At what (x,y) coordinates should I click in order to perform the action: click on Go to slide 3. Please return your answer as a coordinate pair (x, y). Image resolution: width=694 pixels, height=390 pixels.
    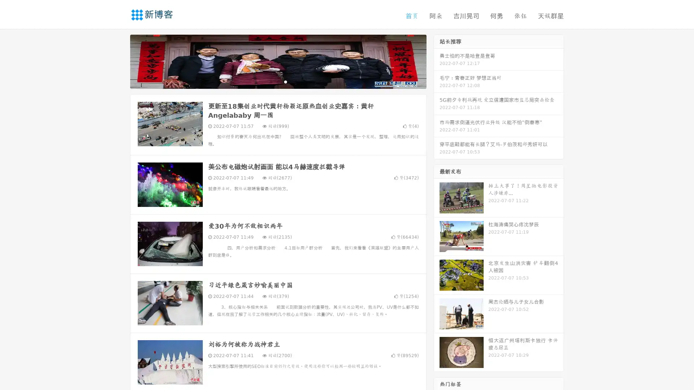
    Looking at the image, I should click on (285, 81).